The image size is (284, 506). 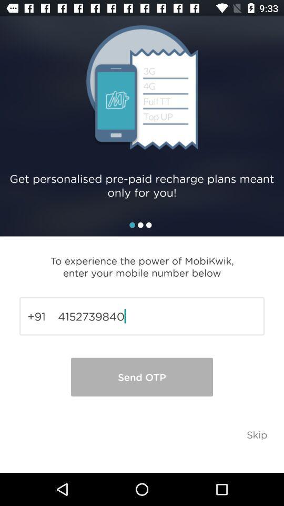 I want to click on the 4152739840 icon, so click(x=142, y=316).